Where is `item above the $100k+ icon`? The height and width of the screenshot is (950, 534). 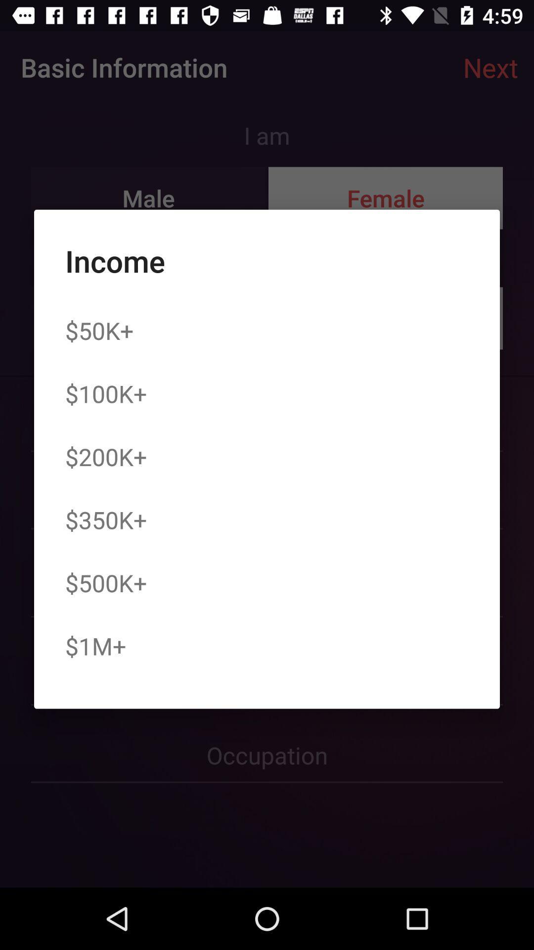
item above the $100k+ icon is located at coordinates (99, 331).